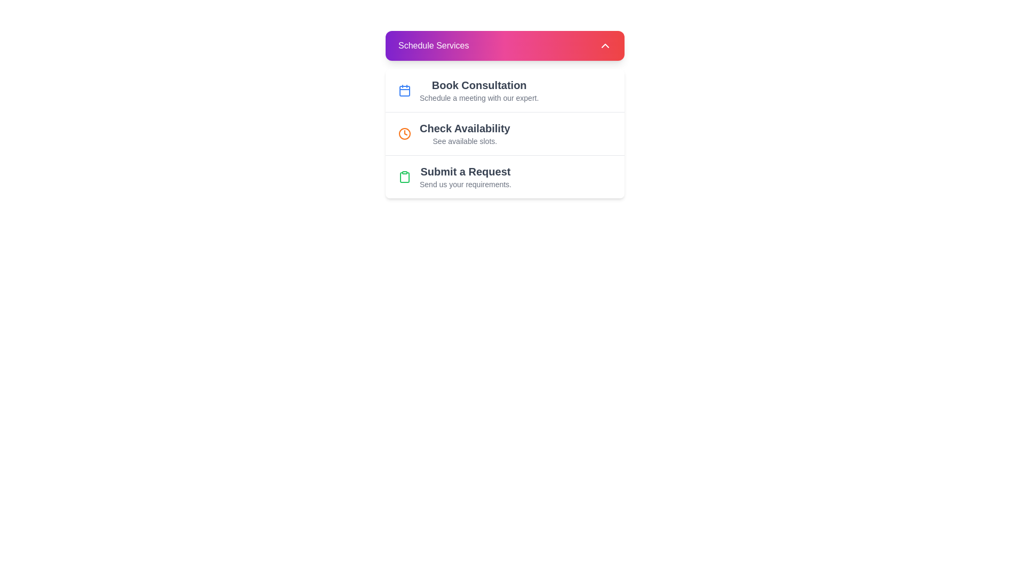 Image resolution: width=1024 pixels, height=576 pixels. I want to click on the second menu item within the 'Schedule Services' list, so click(504, 115).